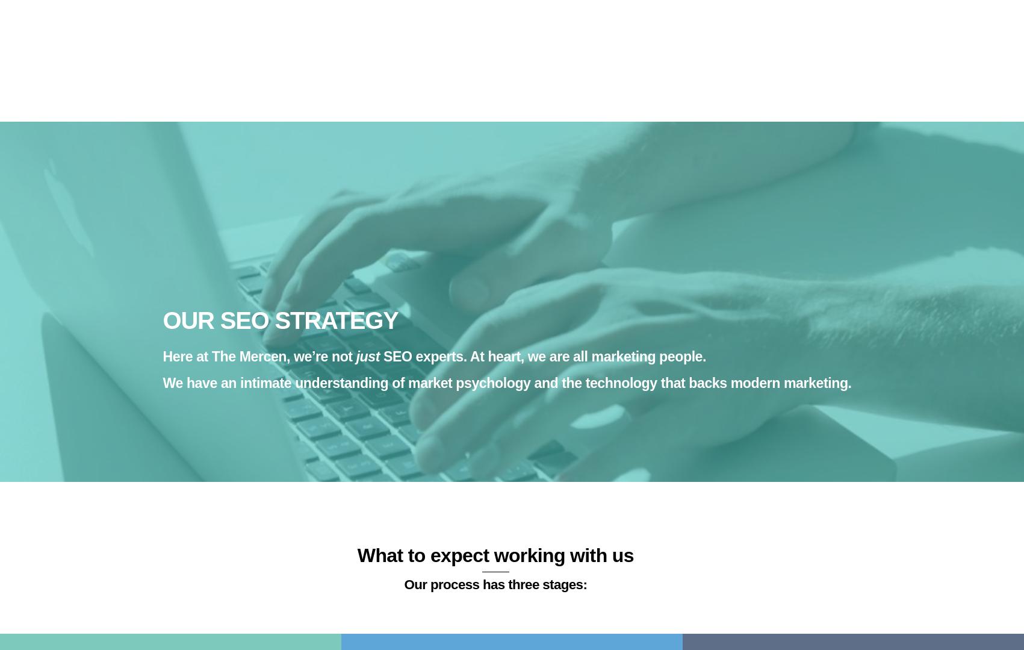 This screenshot has width=1024, height=650. I want to click on 'Implementation of design alteration recommendations', so click(291, 344).